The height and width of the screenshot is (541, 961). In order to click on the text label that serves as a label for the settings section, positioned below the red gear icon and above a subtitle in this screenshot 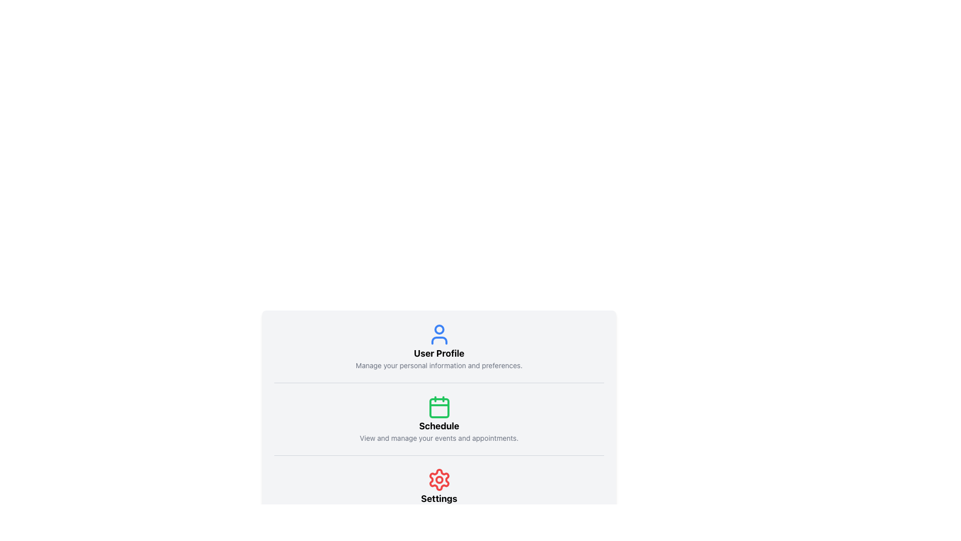, I will do `click(439, 498)`.